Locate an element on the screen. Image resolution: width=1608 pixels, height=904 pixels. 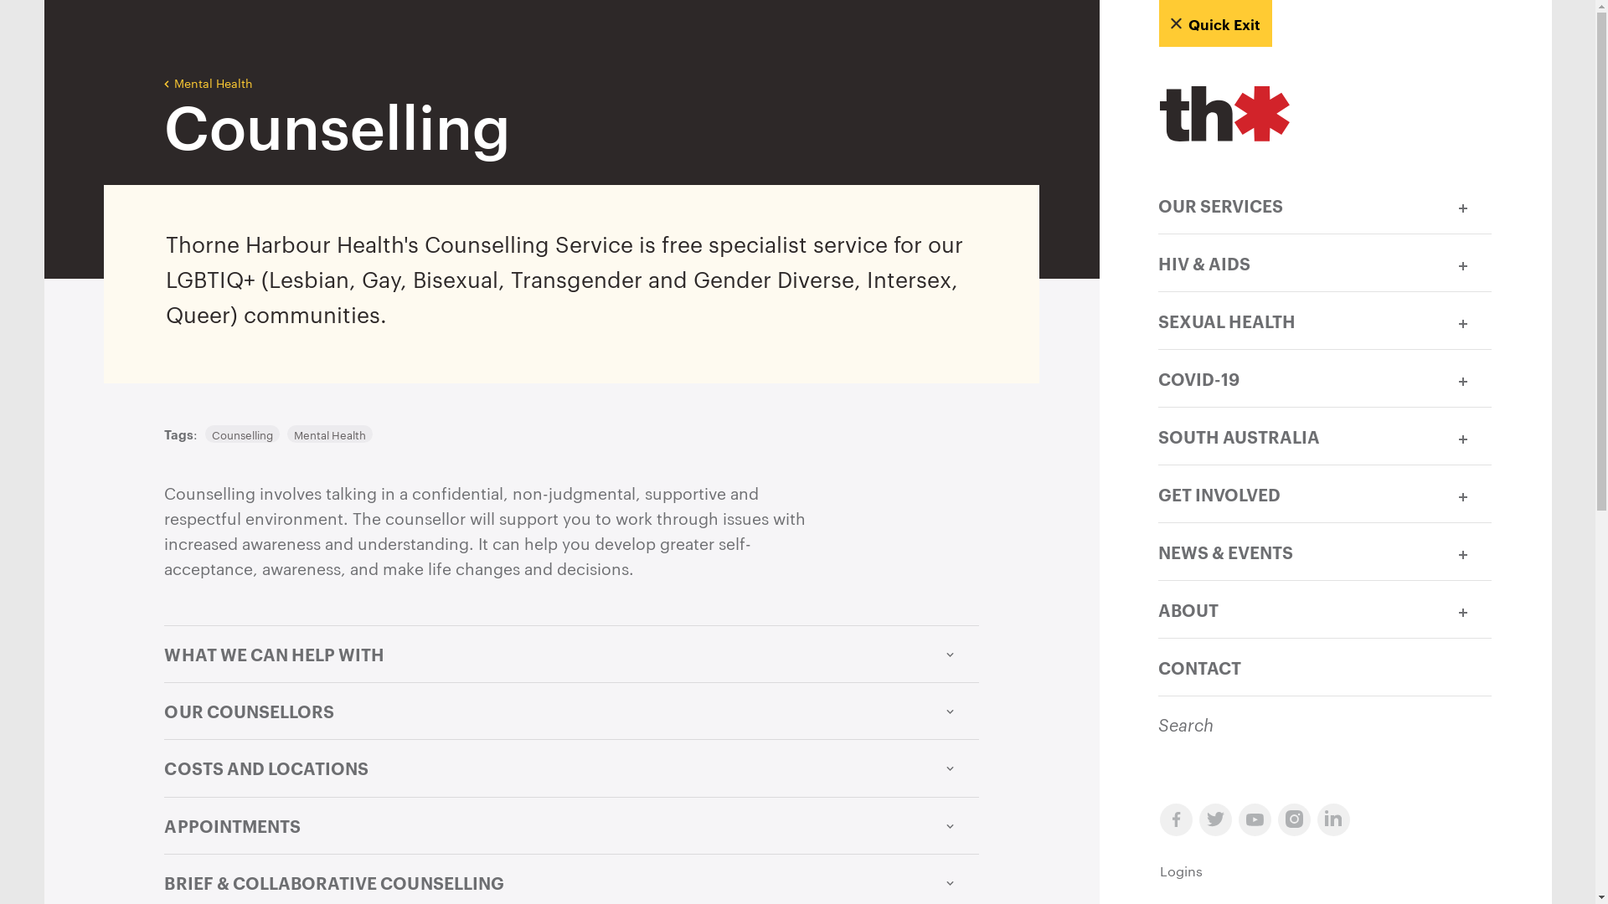
'facebook-symbol' is located at coordinates (1178, 819).